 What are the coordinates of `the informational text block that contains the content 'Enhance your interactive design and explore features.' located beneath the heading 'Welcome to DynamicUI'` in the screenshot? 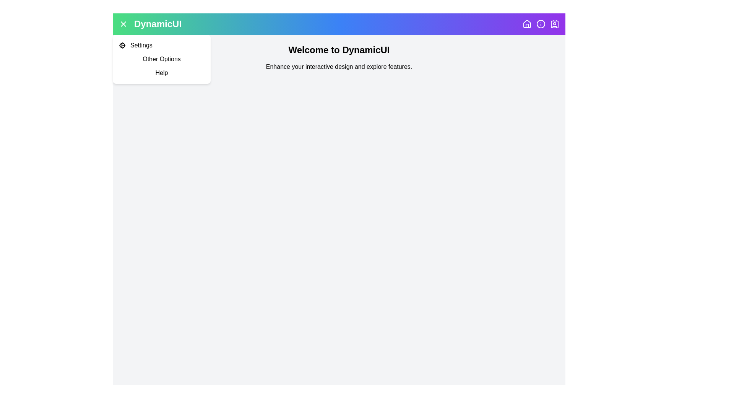 It's located at (339, 66).